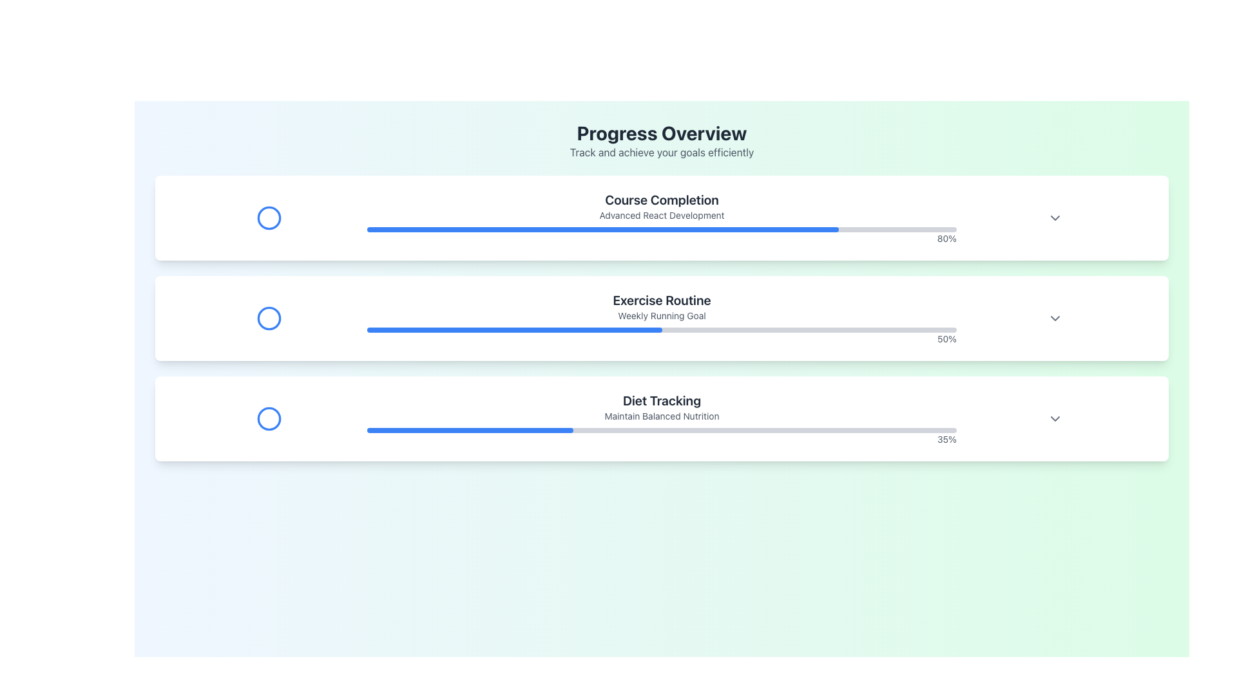  Describe the element at coordinates (268, 318) in the screenshot. I see `the circular icon representing the 'Exercise Routine' in the second row of the 'Progress Overview', located on the far-left side of the horizontal bar` at that location.